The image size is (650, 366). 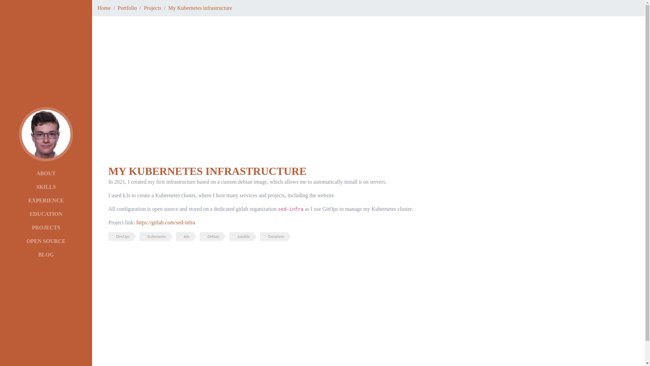 I want to click on 'https://gitlab.com/sed-infra', so click(x=136, y=222).